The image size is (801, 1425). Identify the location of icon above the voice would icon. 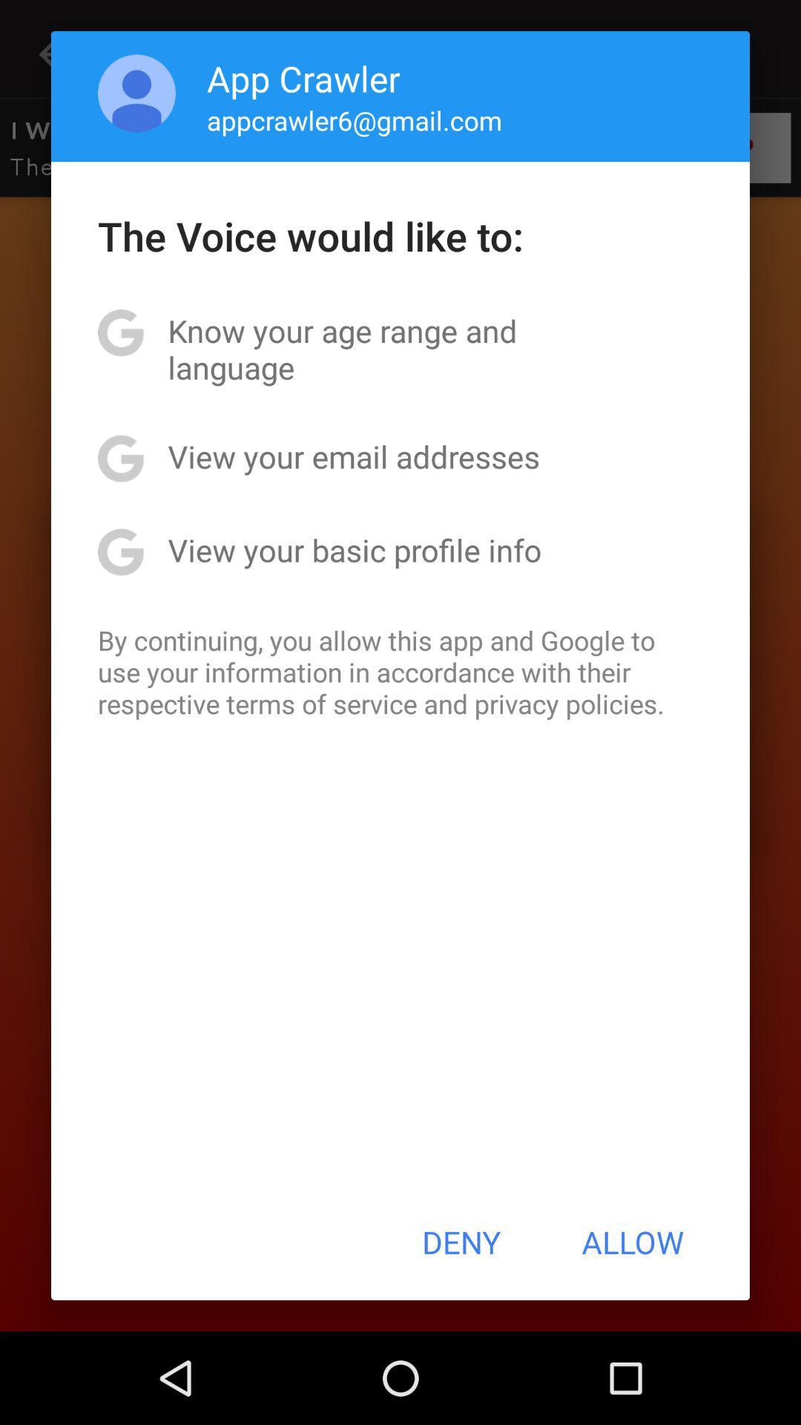
(355, 120).